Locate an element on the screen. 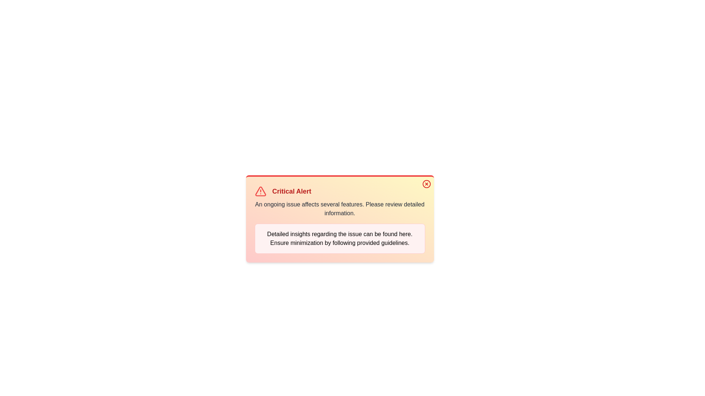  the close button to dismiss the alert notification is located at coordinates (426, 183).